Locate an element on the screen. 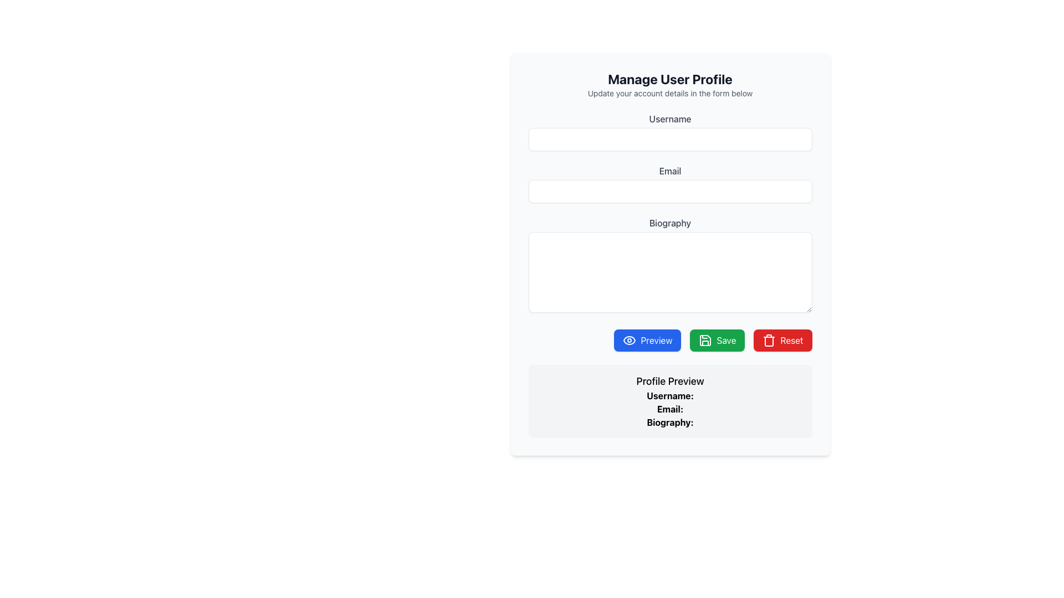  the 'Preview' button which contains an eye symbol, located on the left side of the button group below the input fields in the 'Manage User Profile' form to initiate a preview action is located at coordinates (630, 339).